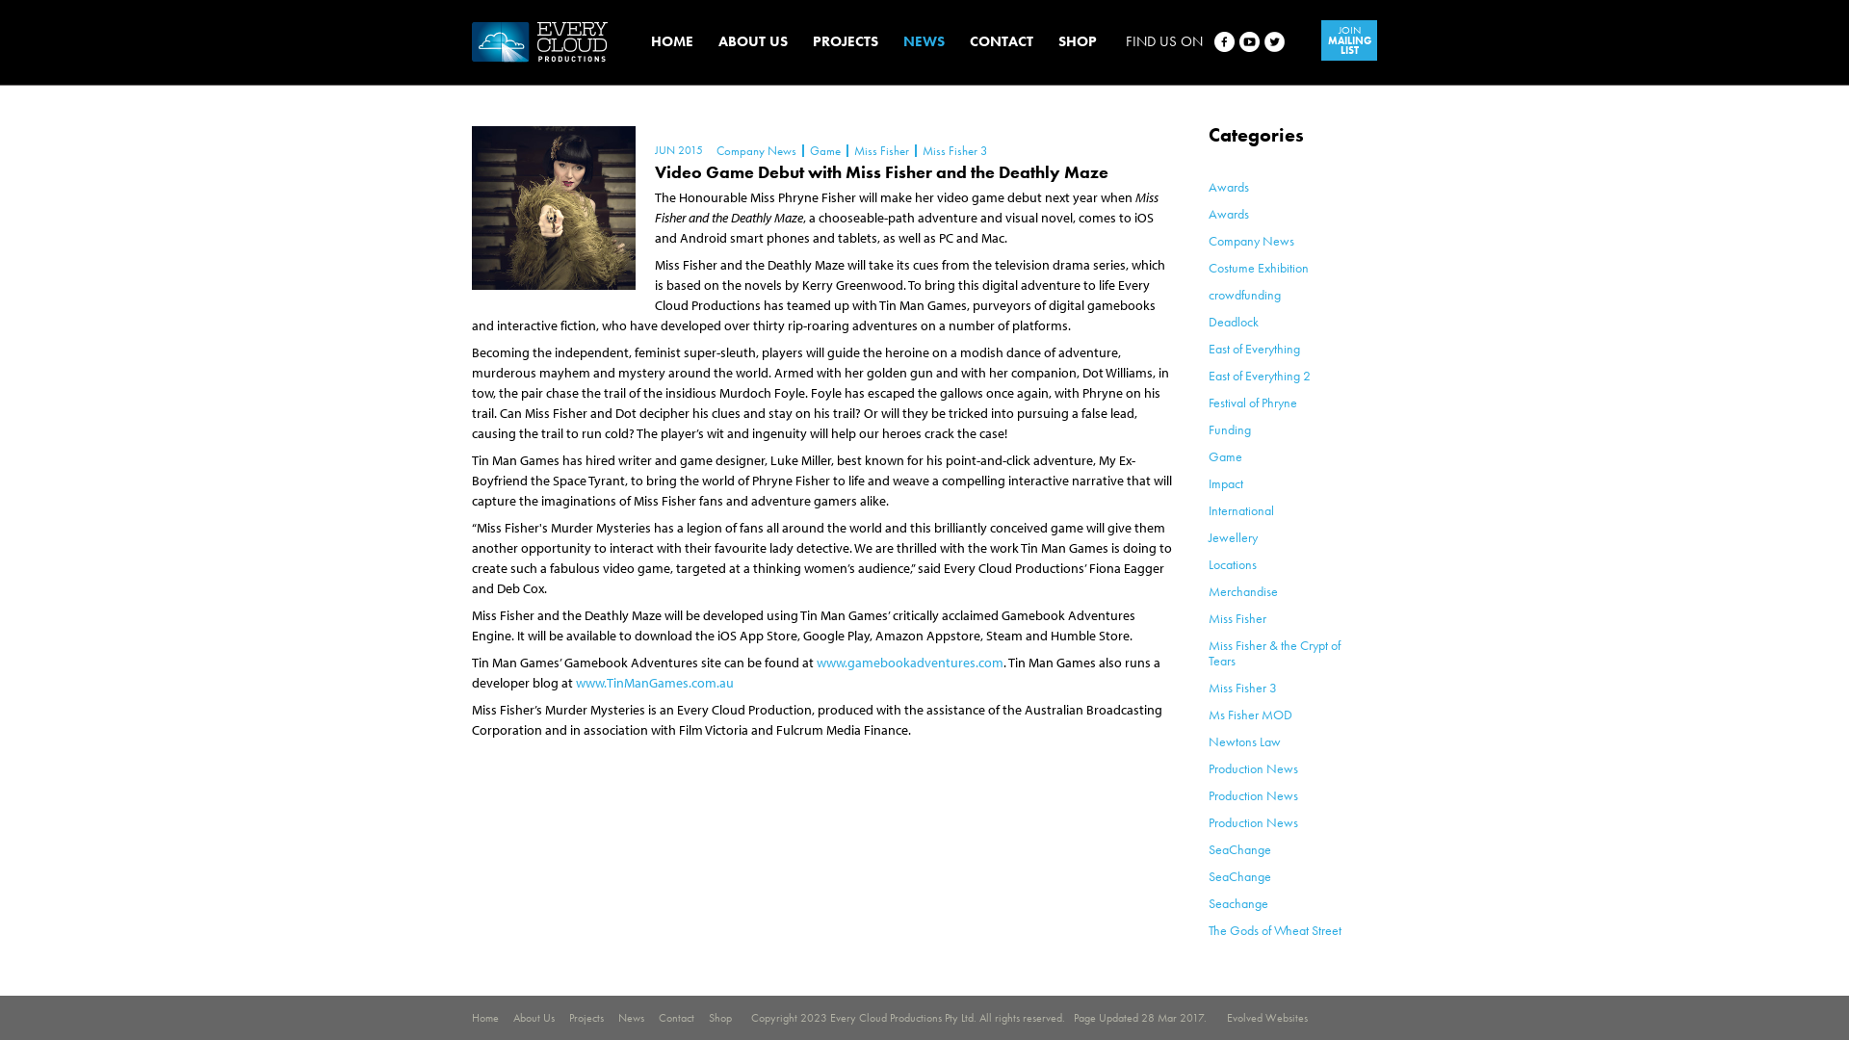  Describe the element at coordinates (901, 40) in the screenshot. I see `'NEWS'` at that location.